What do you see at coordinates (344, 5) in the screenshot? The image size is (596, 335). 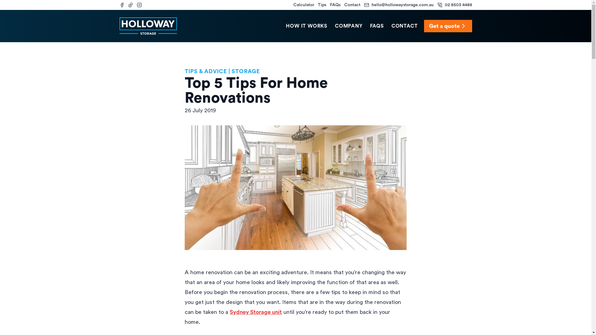 I see `'Contact'` at bounding box center [344, 5].